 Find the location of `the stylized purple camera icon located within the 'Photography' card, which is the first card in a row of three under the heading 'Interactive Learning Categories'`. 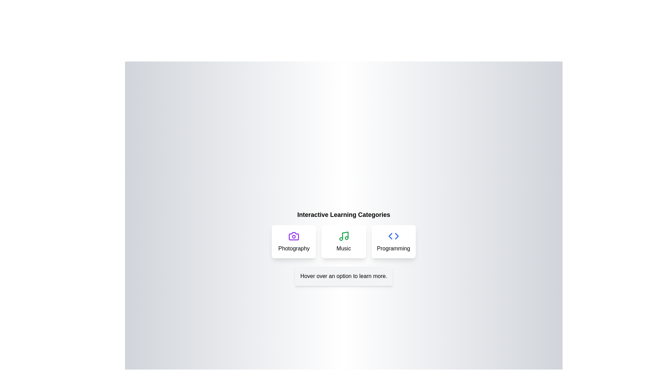

the stylized purple camera icon located within the 'Photography' card, which is the first card in a row of three under the heading 'Interactive Learning Categories' is located at coordinates (294, 236).